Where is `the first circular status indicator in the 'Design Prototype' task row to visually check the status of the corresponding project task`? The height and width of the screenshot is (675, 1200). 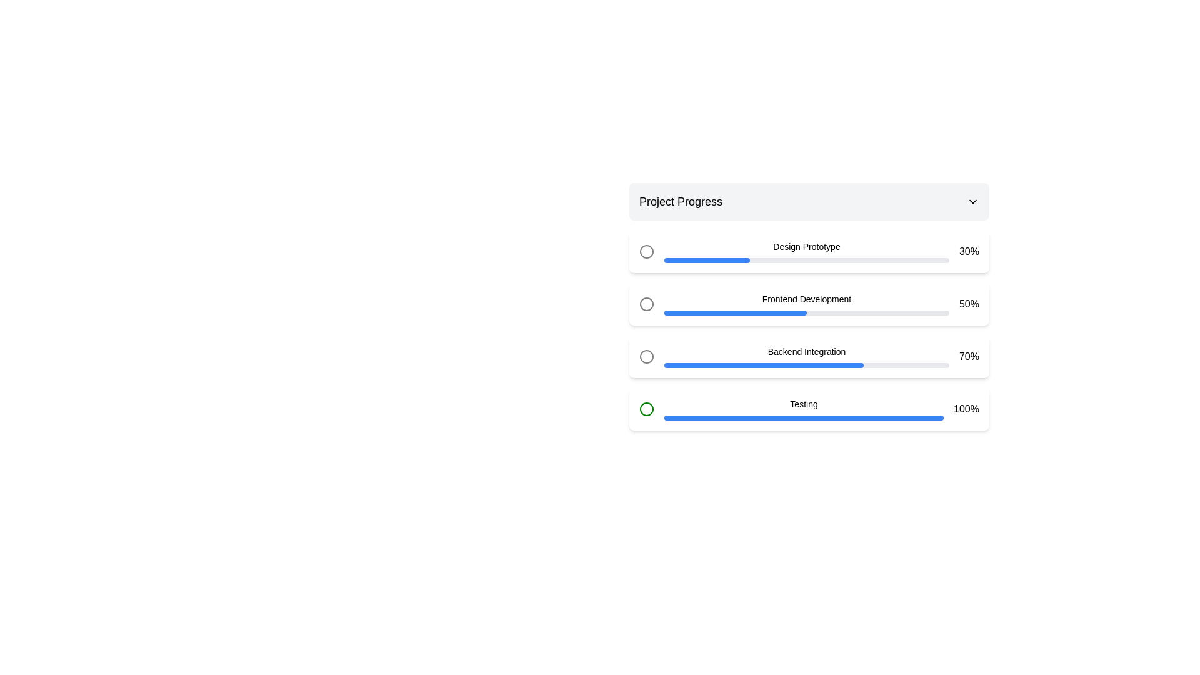
the first circular status indicator in the 'Design Prototype' task row to visually check the status of the corresponding project task is located at coordinates (647, 251).